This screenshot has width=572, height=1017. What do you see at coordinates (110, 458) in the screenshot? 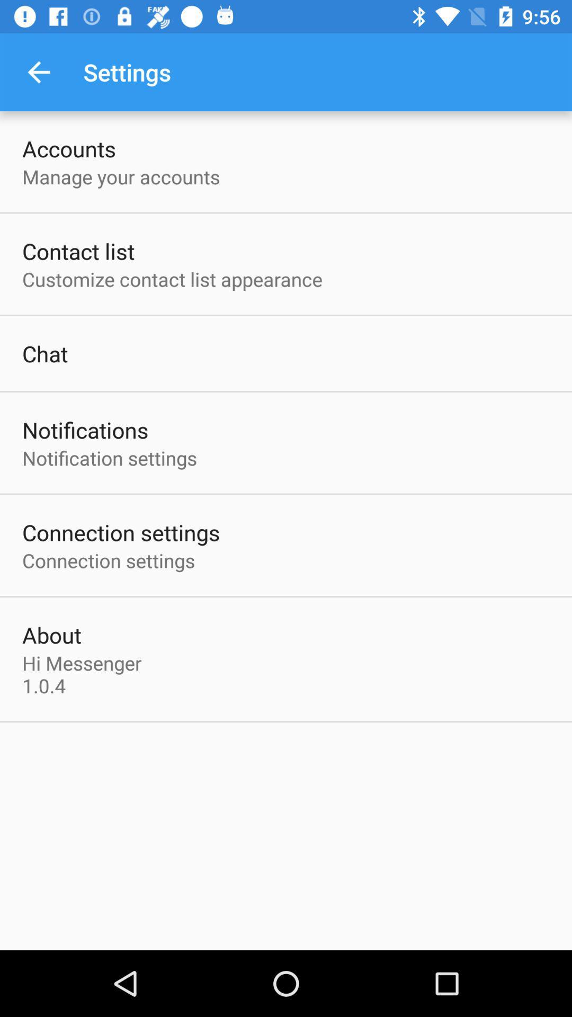
I see `the notification settings icon` at bounding box center [110, 458].